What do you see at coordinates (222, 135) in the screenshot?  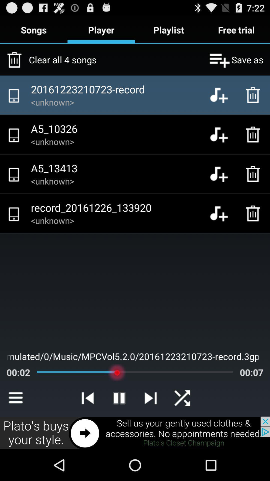 I see `song` at bounding box center [222, 135].